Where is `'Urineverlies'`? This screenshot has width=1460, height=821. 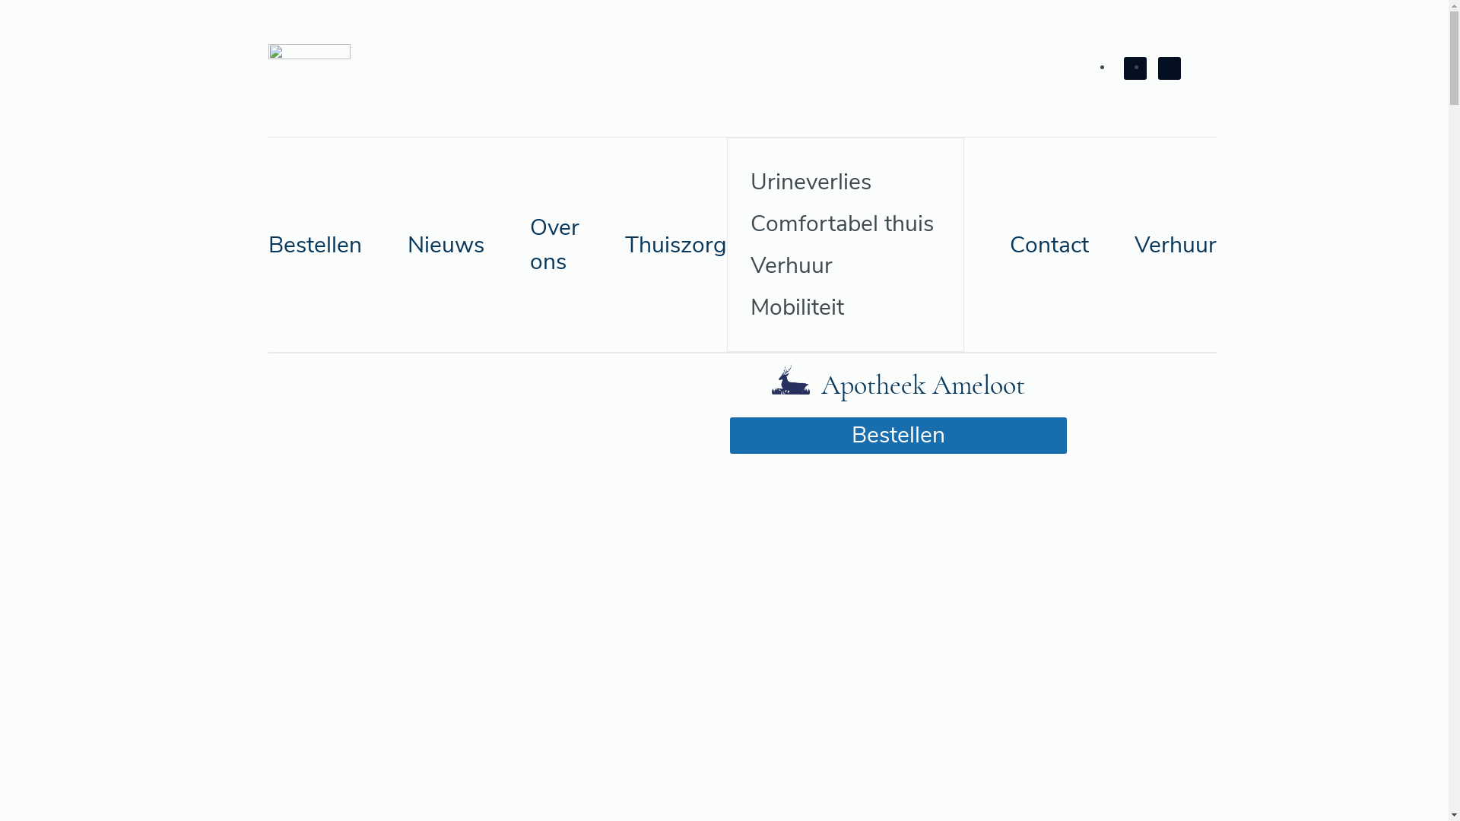
'Urineverlies' is located at coordinates (843, 181).